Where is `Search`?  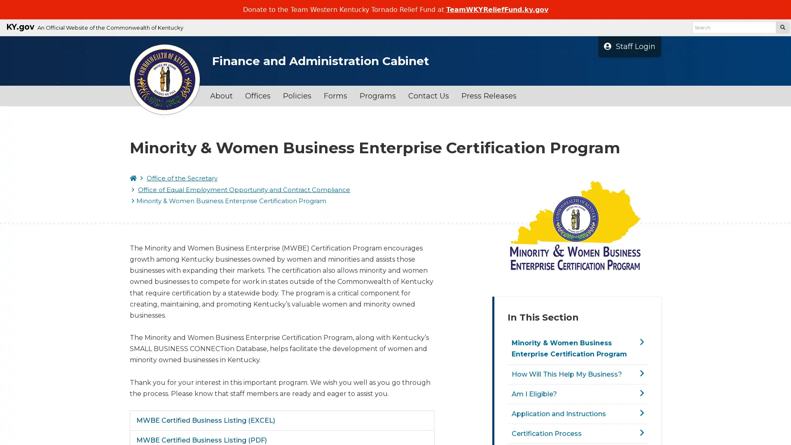 Search is located at coordinates (782, 27).